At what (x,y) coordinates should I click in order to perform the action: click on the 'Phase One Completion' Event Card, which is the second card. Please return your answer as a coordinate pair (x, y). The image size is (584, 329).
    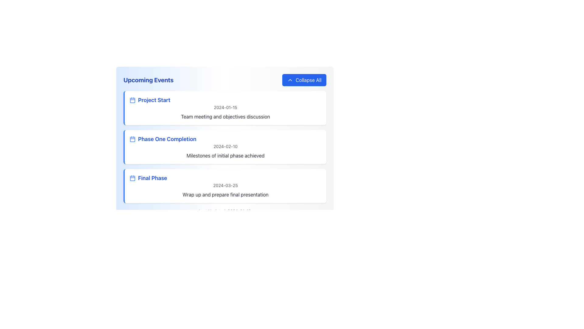
    Looking at the image, I should click on (224, 144).